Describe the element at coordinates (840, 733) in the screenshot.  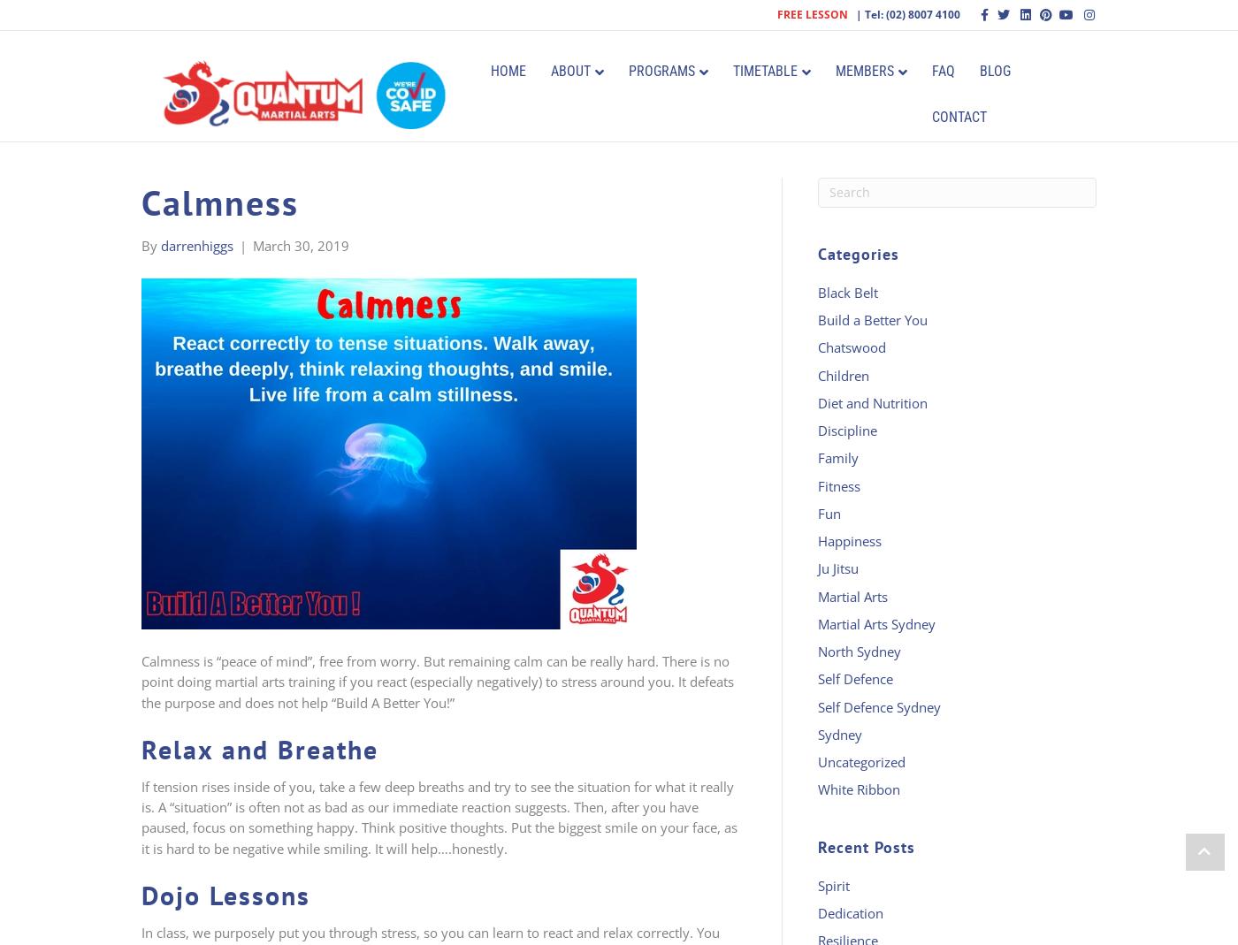
I see `'Sydney'` at that location.